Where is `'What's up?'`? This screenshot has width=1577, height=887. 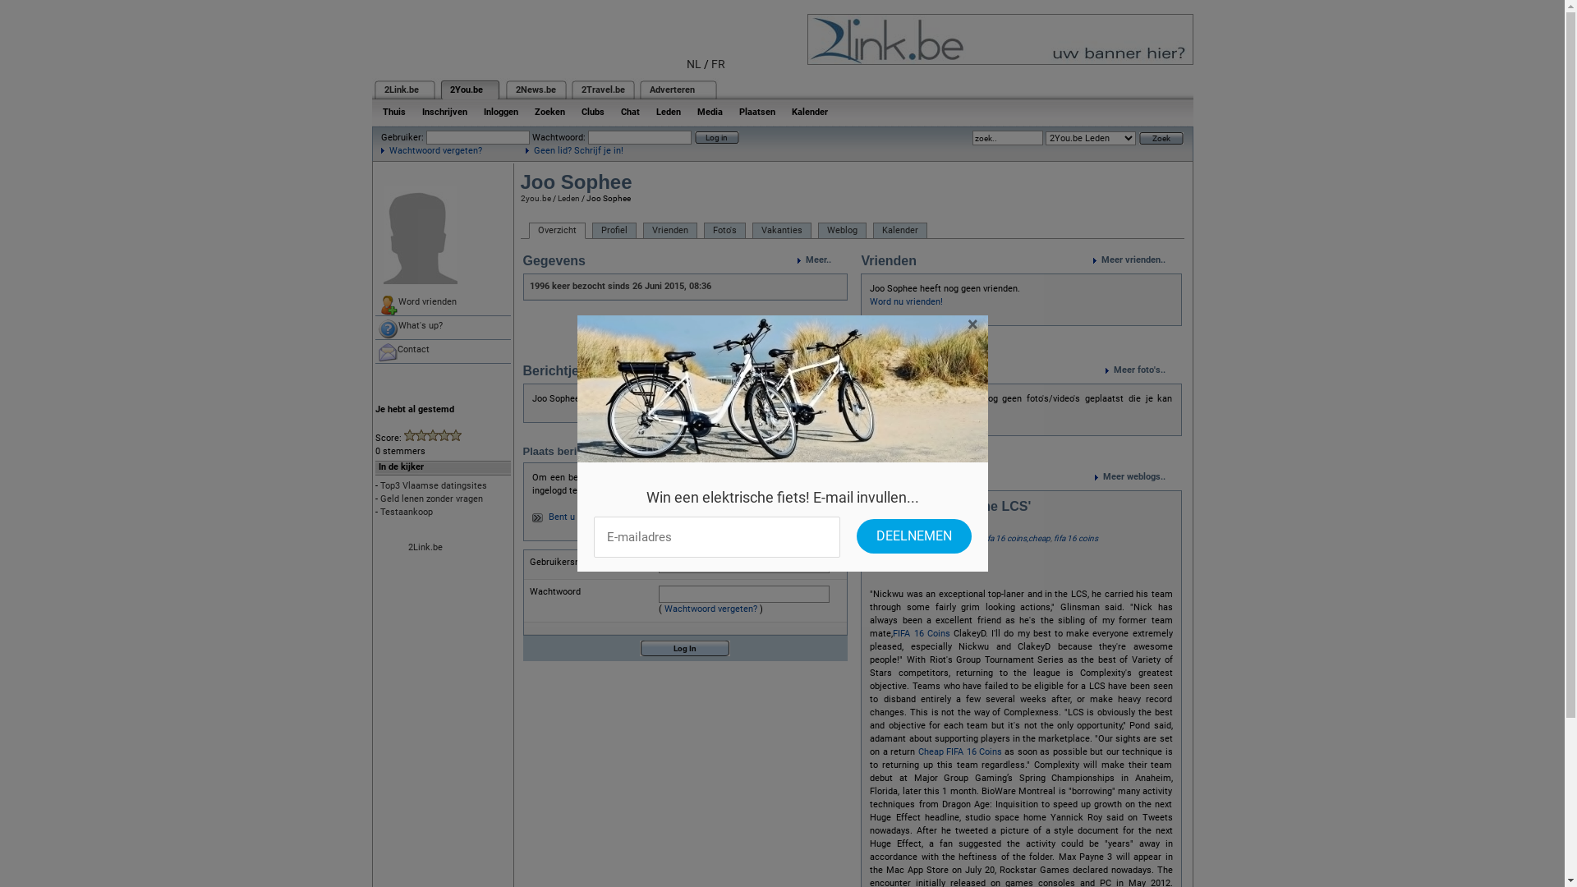
'What's up?' is located at coordinates (442, 328).